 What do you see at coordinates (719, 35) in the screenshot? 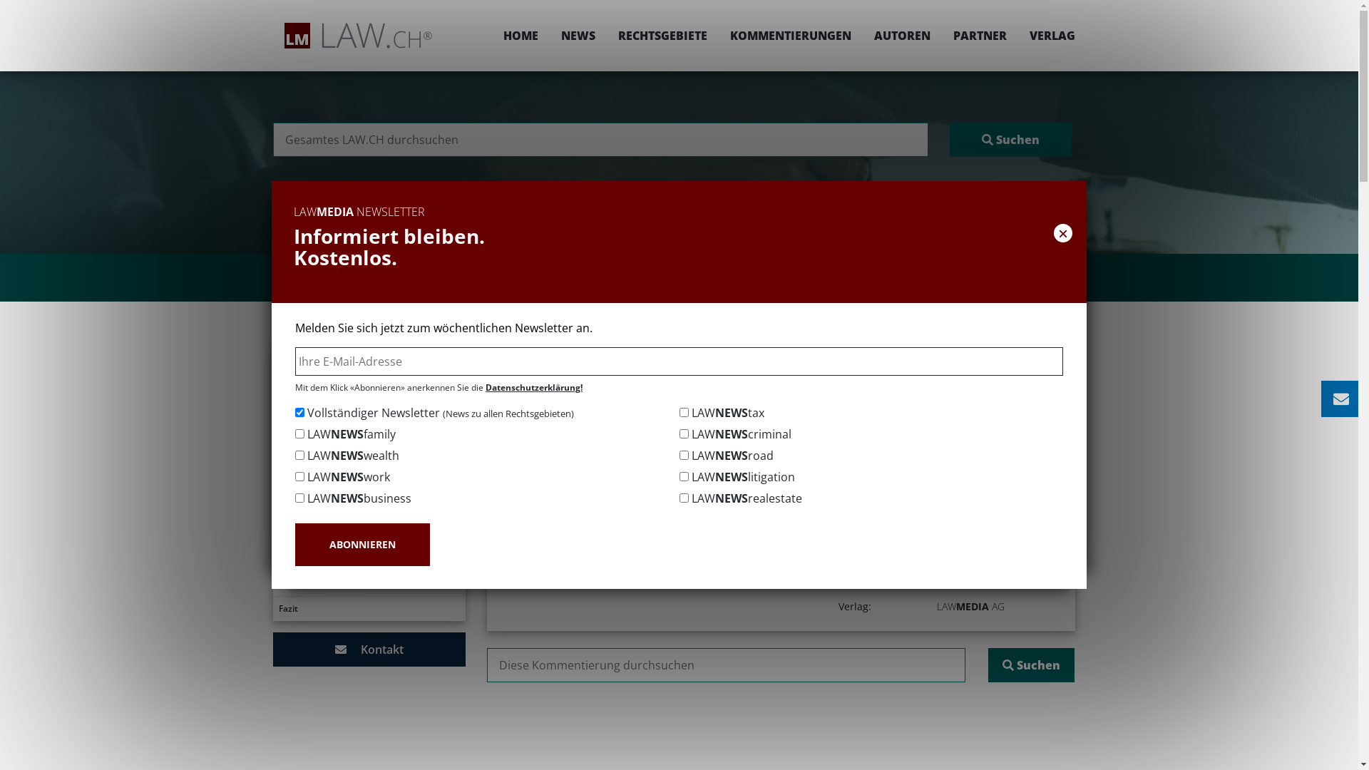
I see `'KOMMENTIERUNGEN'` at bounding box center [719, 35].